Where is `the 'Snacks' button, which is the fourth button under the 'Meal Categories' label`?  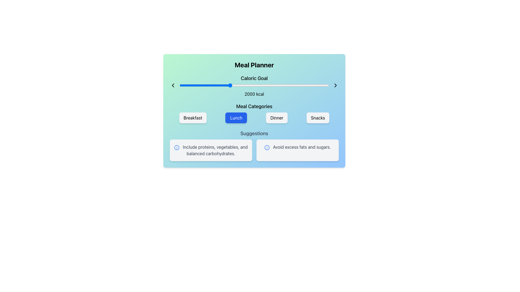 the 'Snacks' button, which is the fourth button under the 'Meal Categories' label is located at coordinates (318, 117).